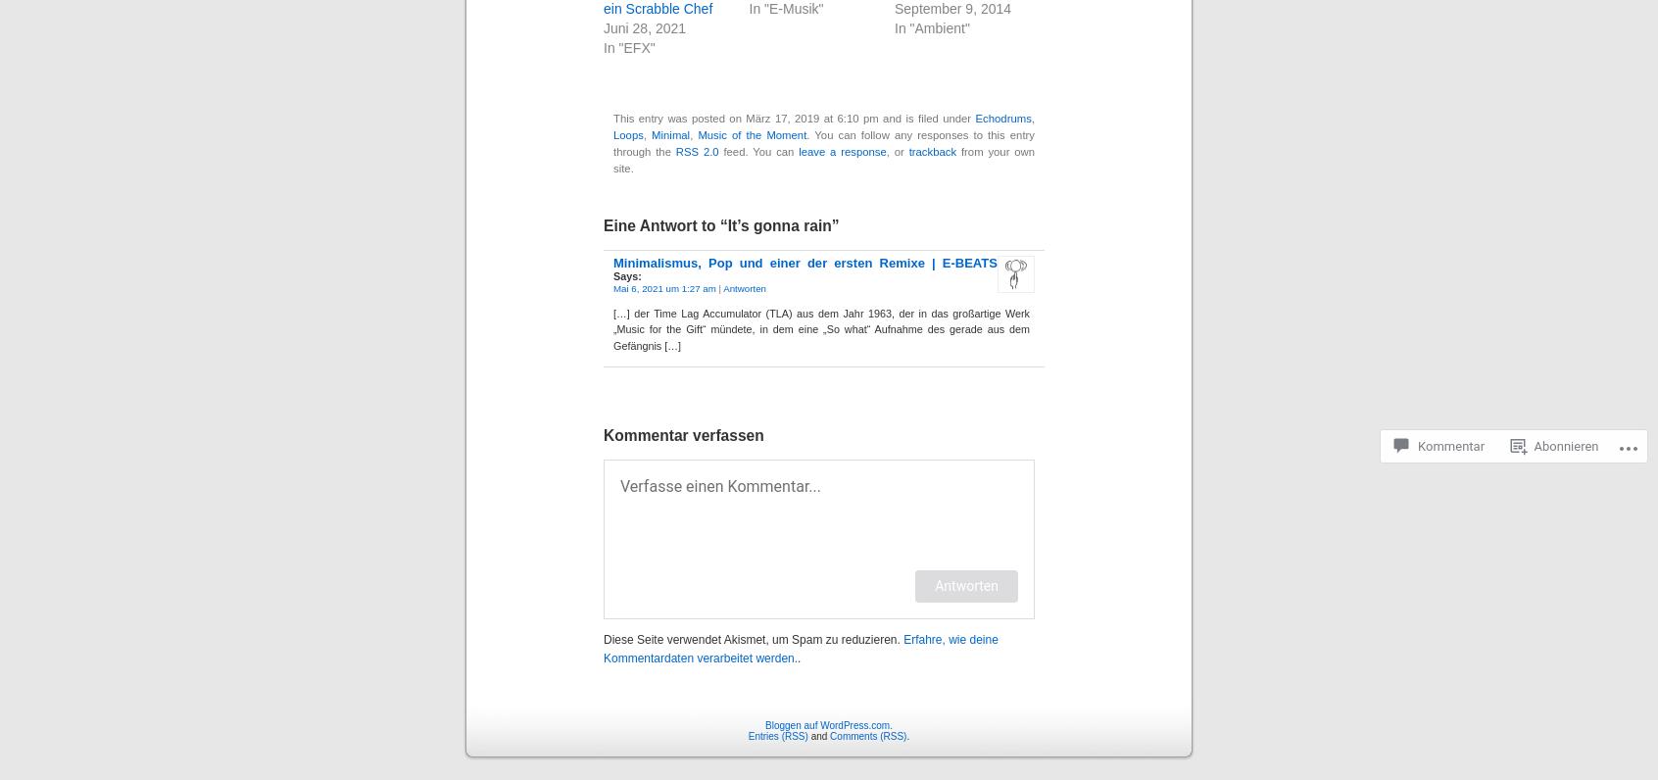 Image resolution: width=1658 pixels, height=780 pixels. I want to click on 'Kommentar', so click(1450, 372).